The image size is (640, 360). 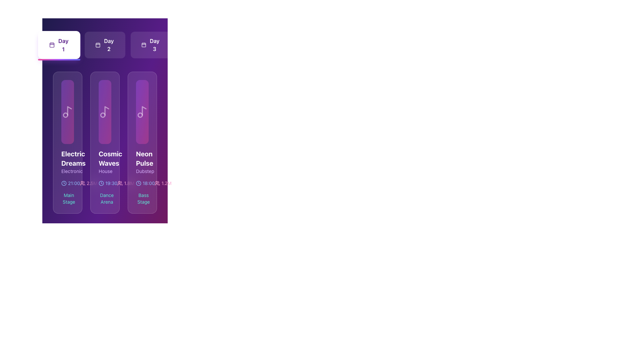 What do you see at coordinates (59, 45) in the screenshot?
I see `'Day 1' selection option button, which is the first element in the navigational interface for event days` at bounding box center [59, 45].